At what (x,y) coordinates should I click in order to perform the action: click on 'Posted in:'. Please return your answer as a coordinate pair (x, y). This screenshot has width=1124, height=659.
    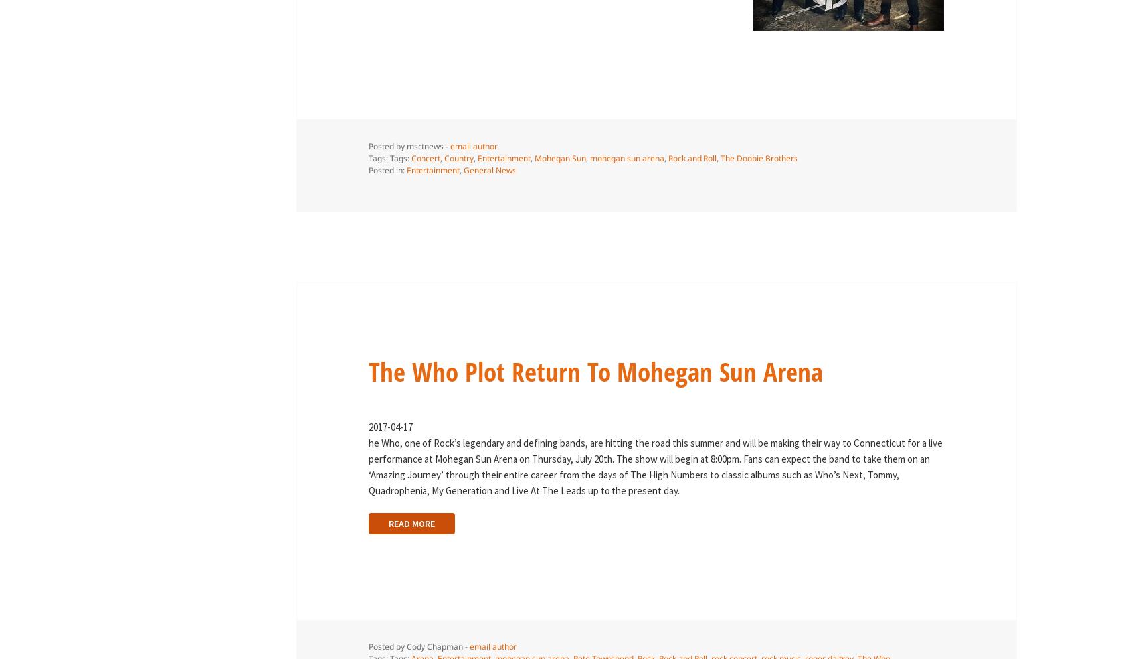
    Looking at the image, I should click on (367, 169).